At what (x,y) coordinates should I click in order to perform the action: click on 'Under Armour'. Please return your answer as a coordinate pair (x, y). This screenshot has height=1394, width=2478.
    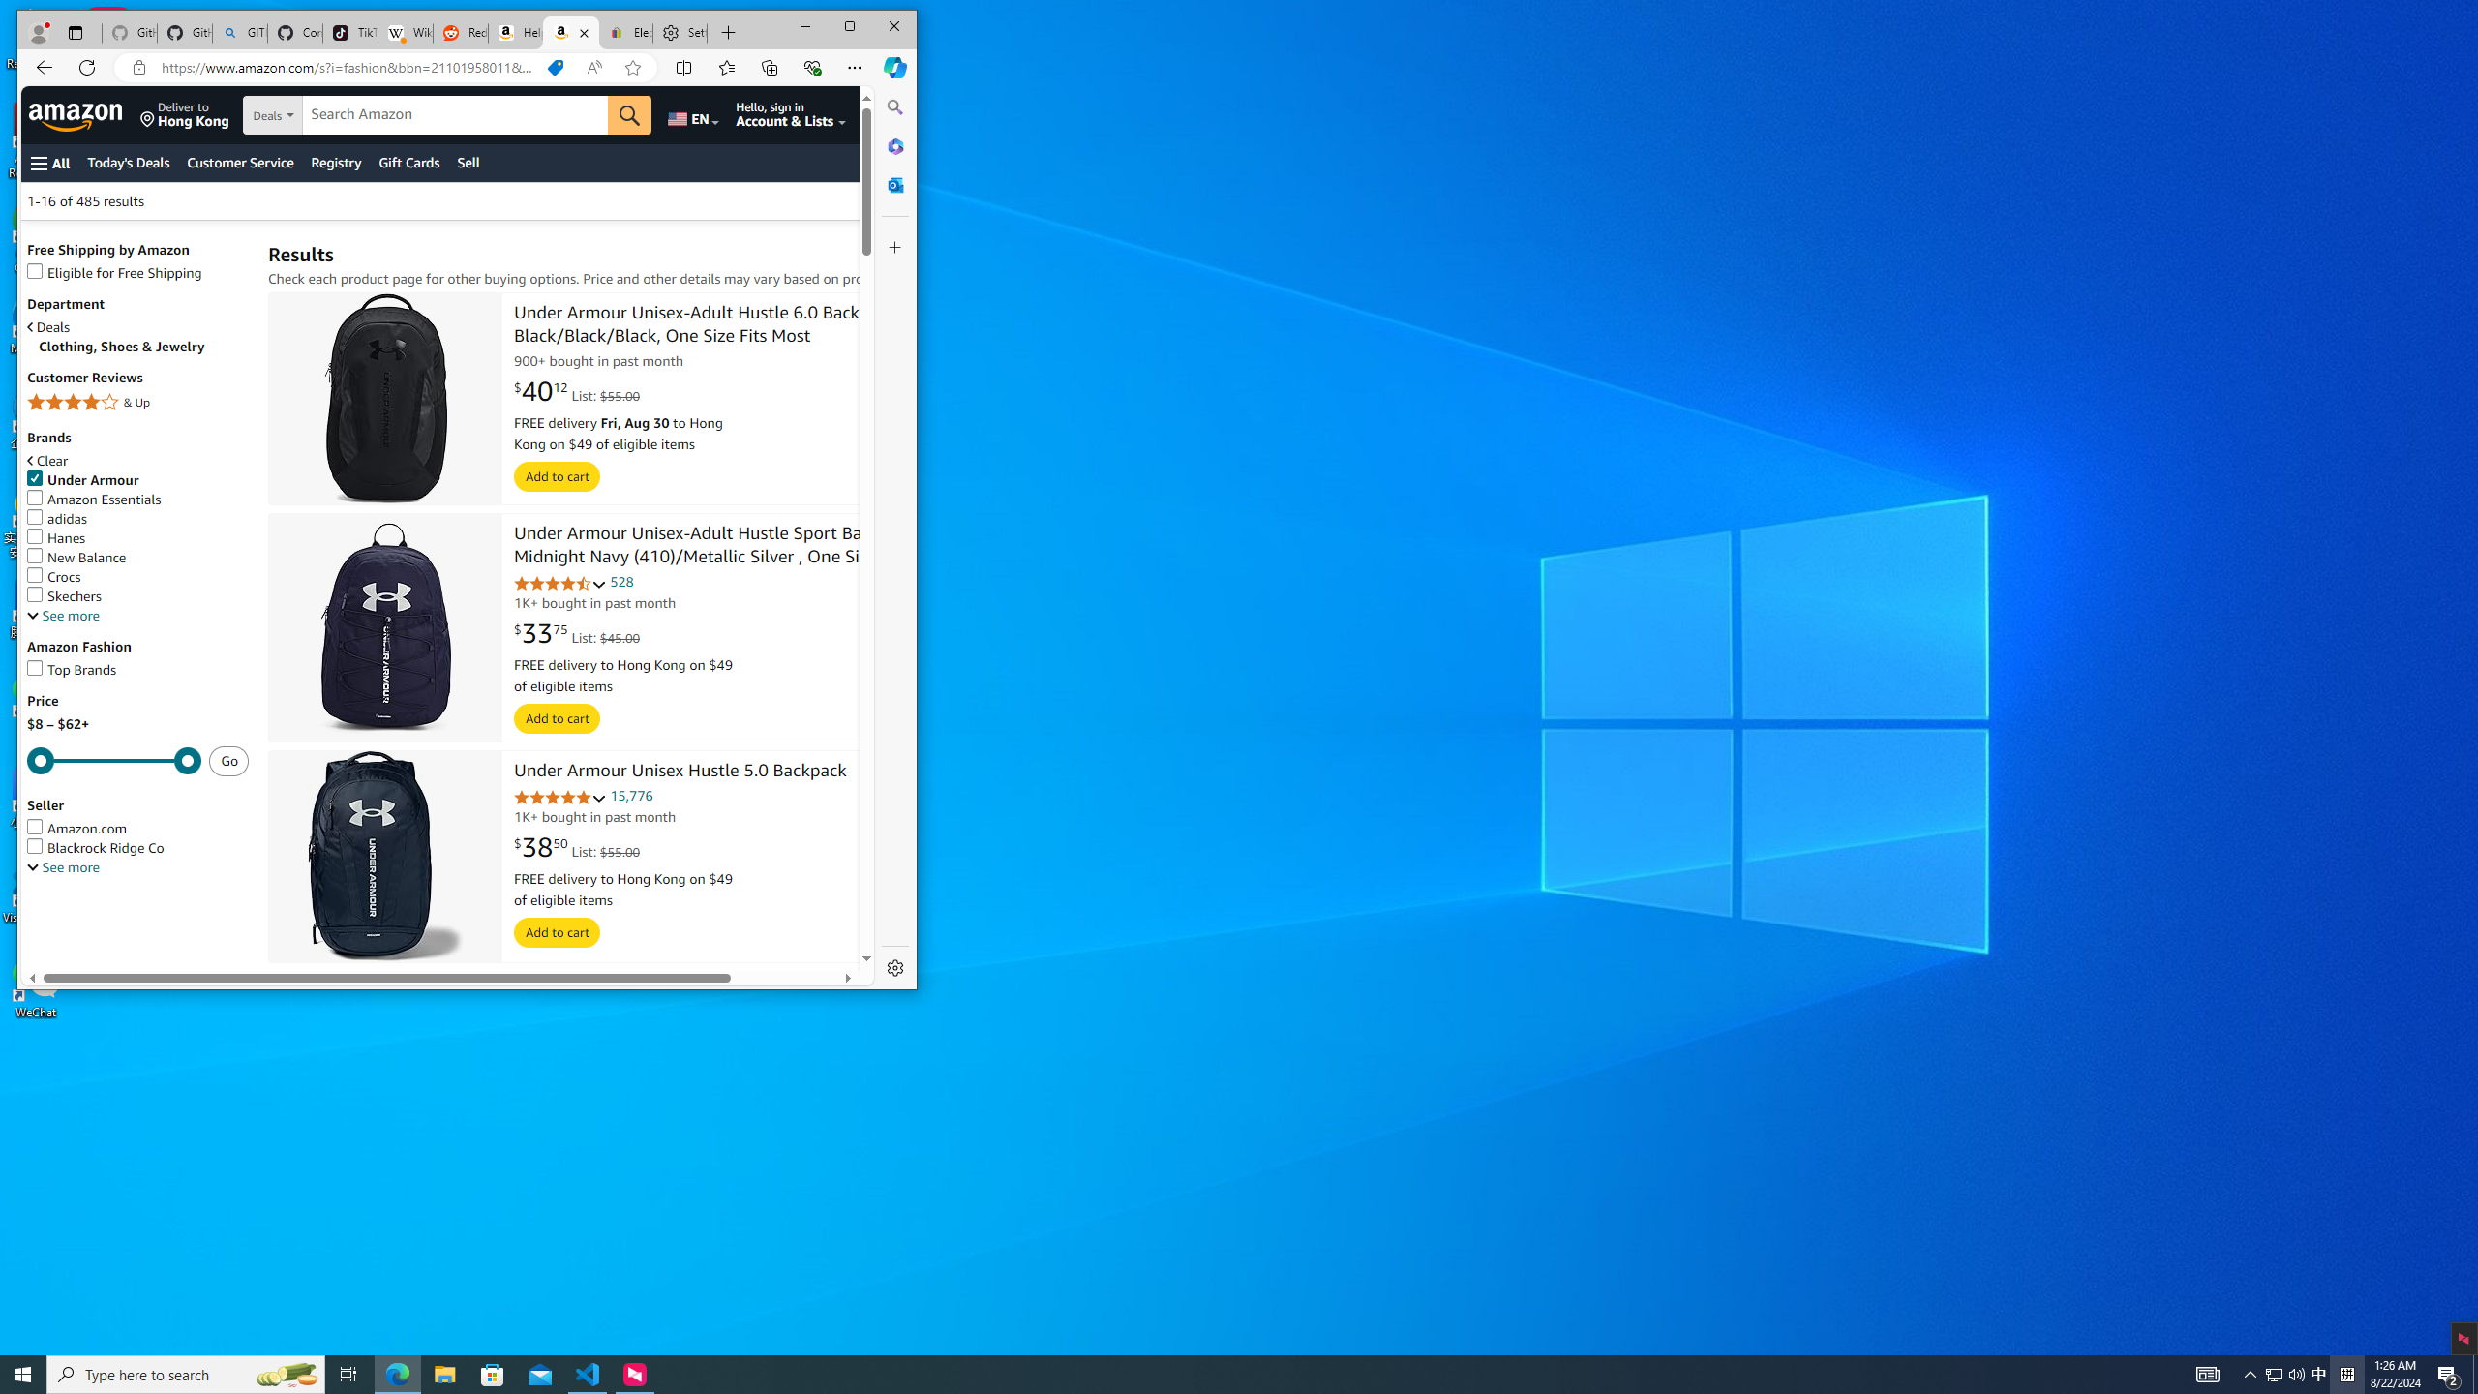
    Looking at the image, I should click on (137, 479).